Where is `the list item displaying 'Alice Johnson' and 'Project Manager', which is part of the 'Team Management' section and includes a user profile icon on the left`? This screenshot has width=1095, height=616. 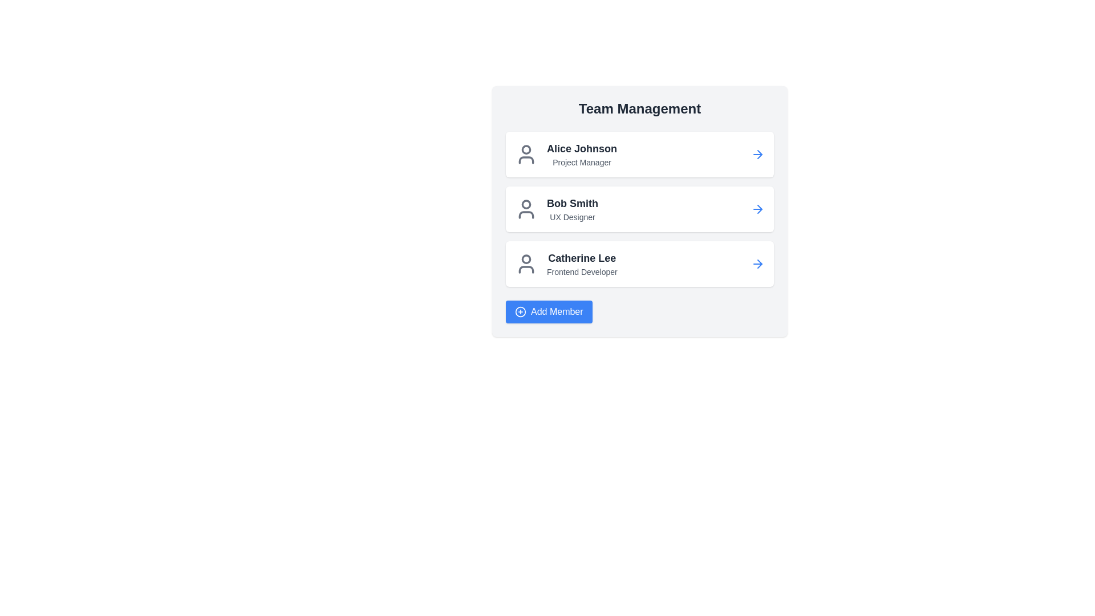
the list item displaying 'Alice Johnson' and 'Project Manager', which is part of the 'Team Management' section and includes a user profile icon on the left is located at coordinates (582, 154).